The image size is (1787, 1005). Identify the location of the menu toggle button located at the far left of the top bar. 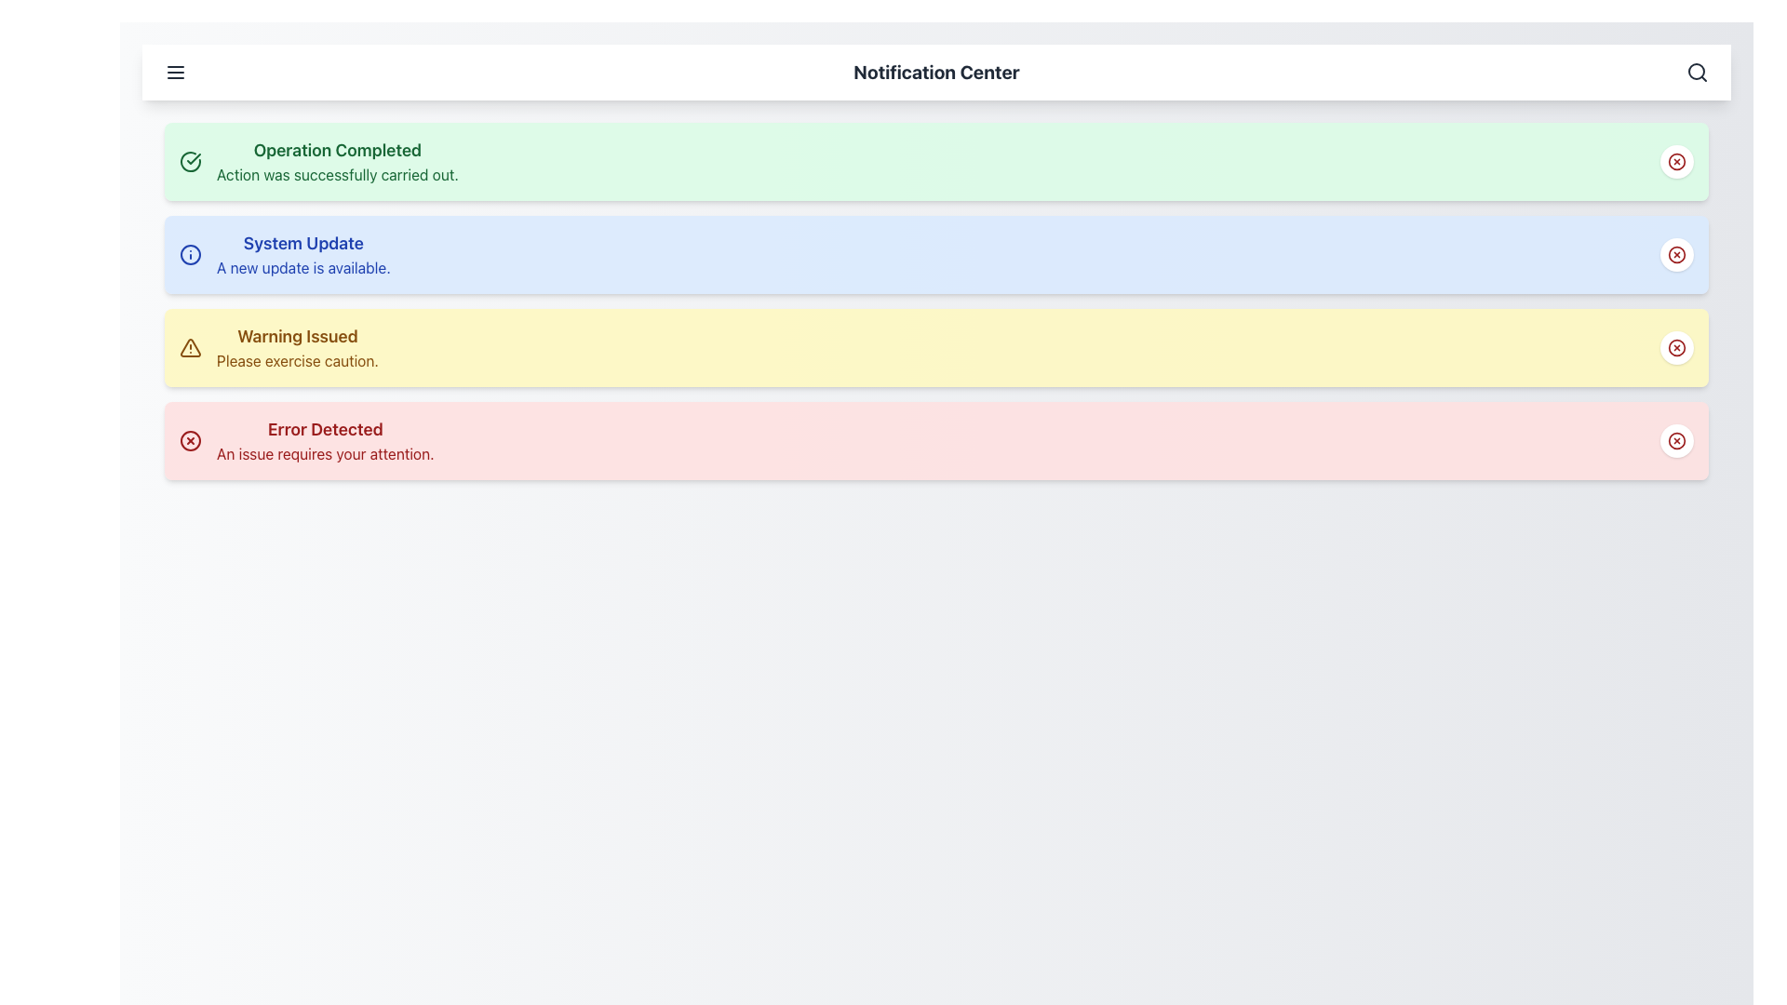
(175, 71).